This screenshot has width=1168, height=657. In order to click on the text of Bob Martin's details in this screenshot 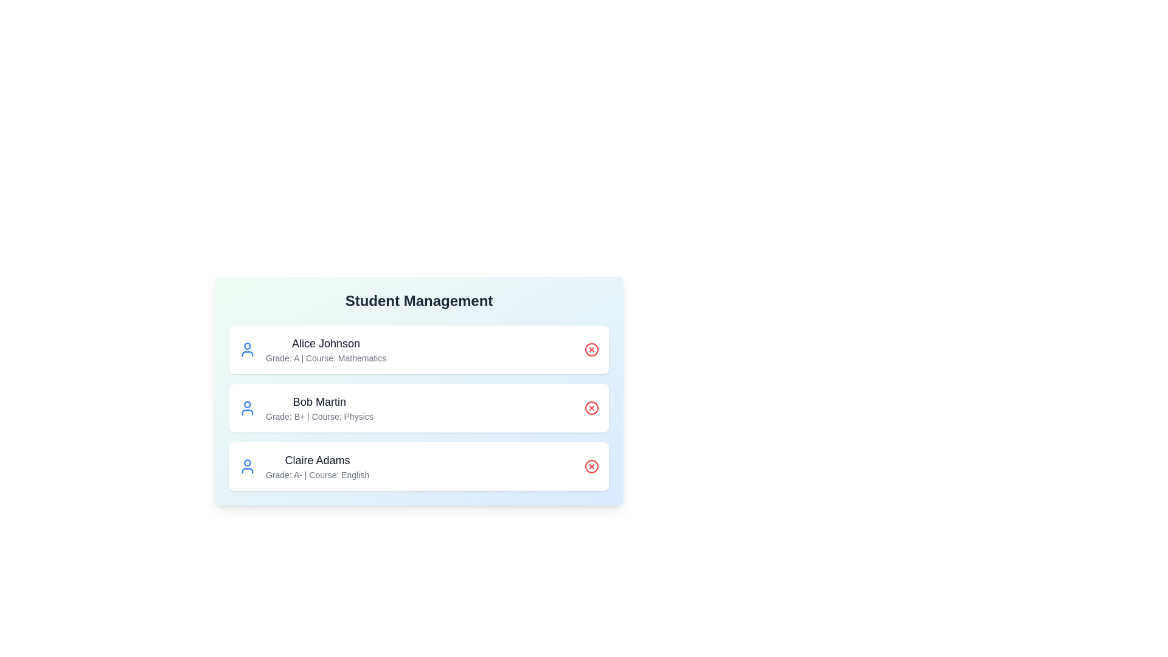, I will do `click(319, 401)`.